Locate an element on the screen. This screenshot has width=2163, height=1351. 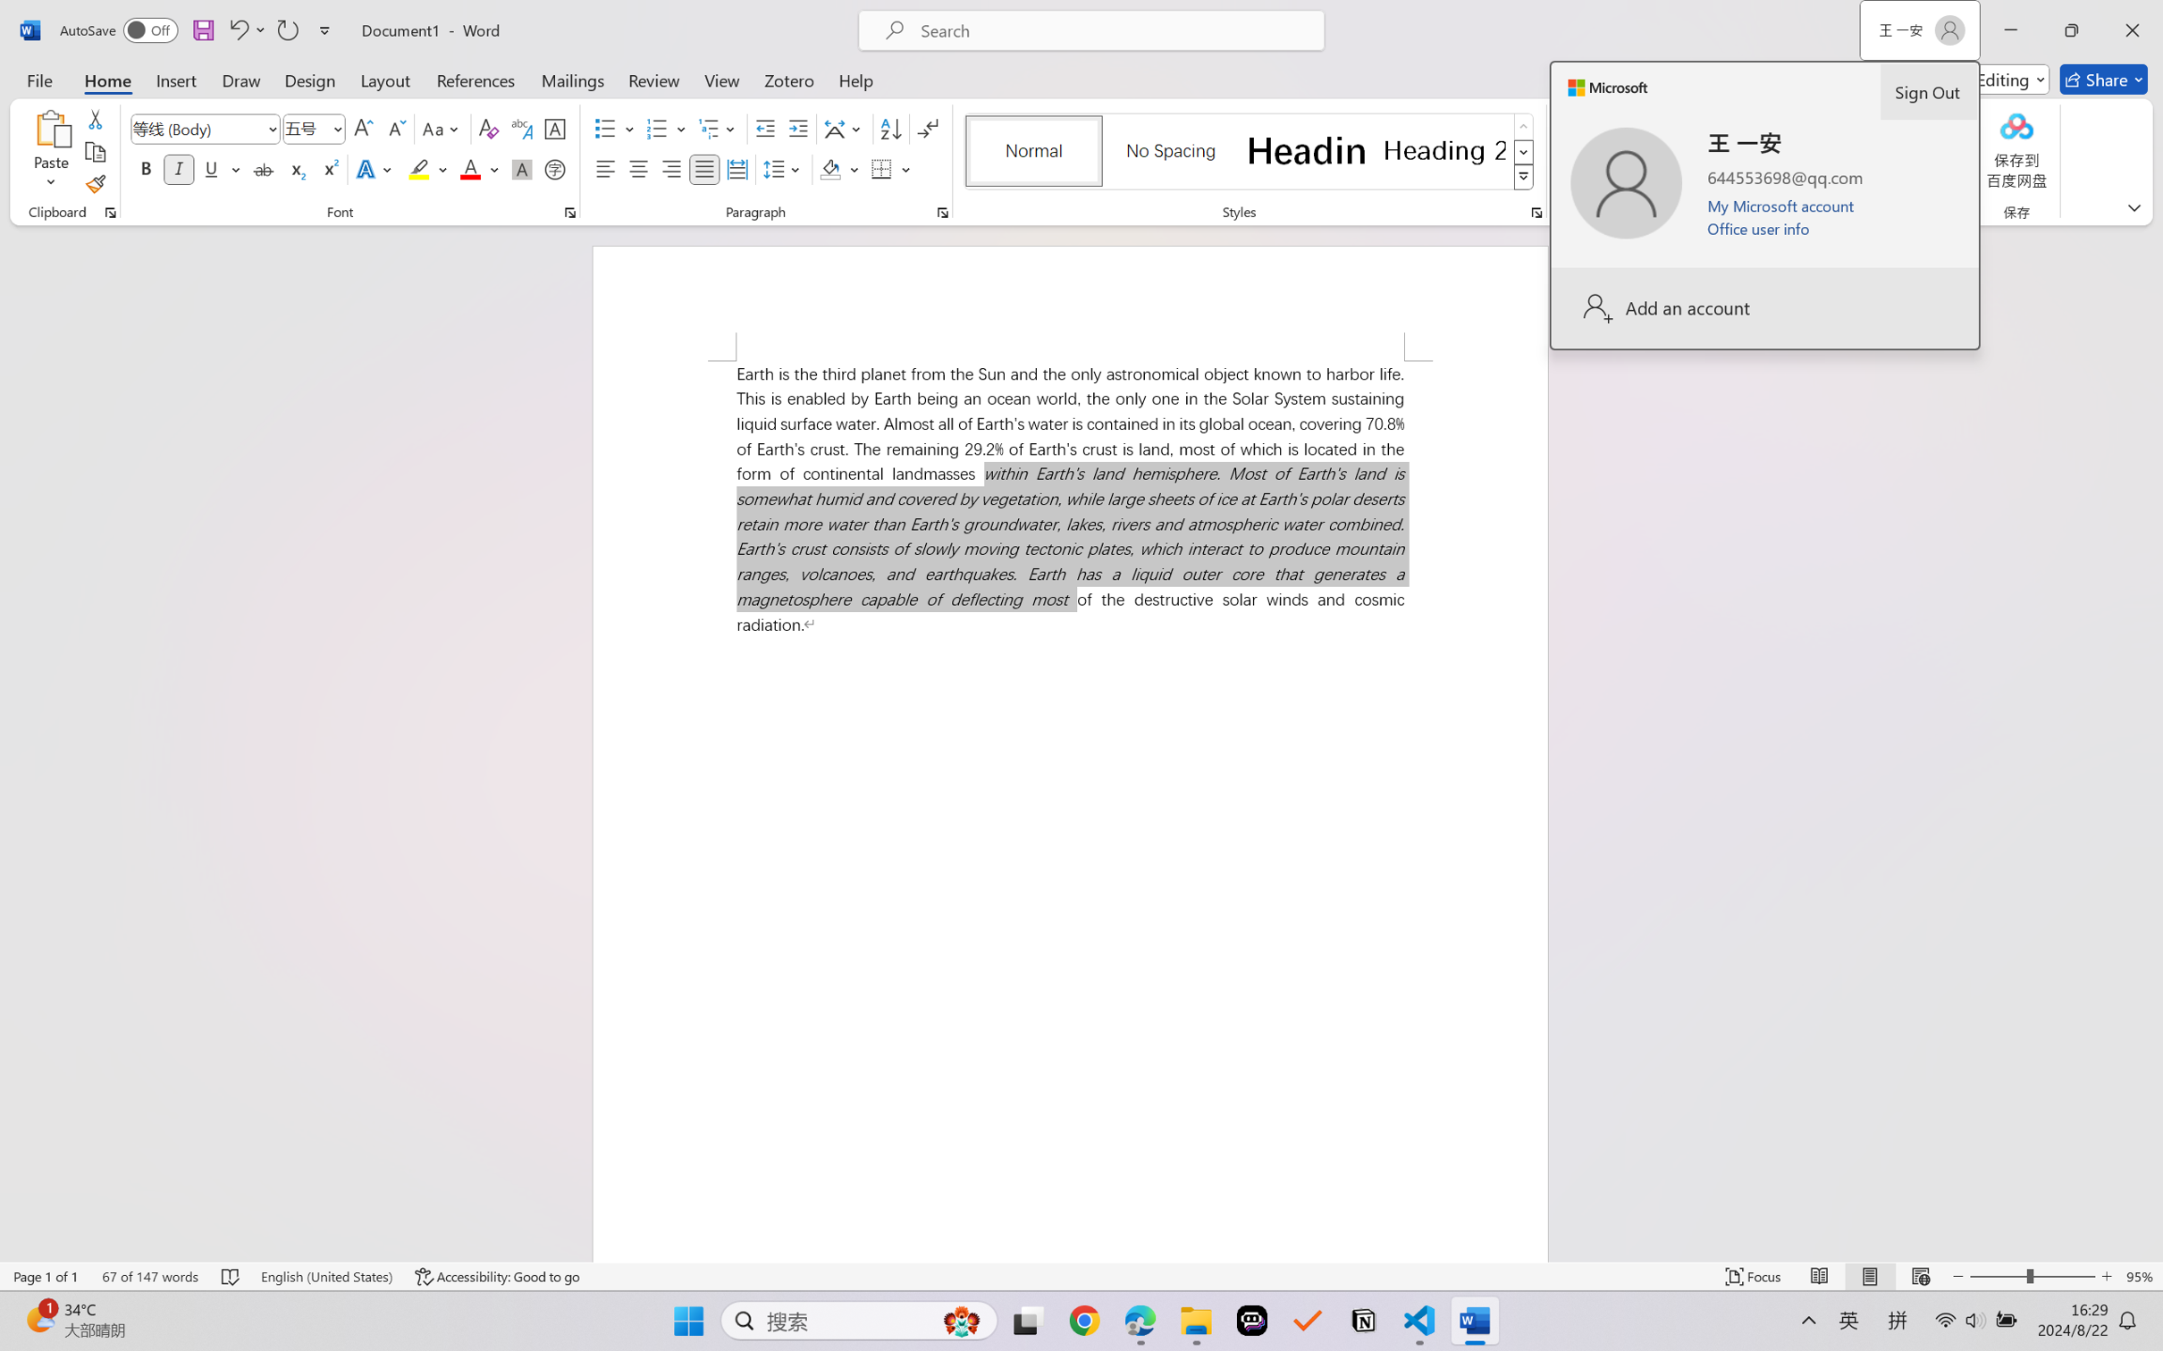
'Distributed' is located at coordinates (736, 168).